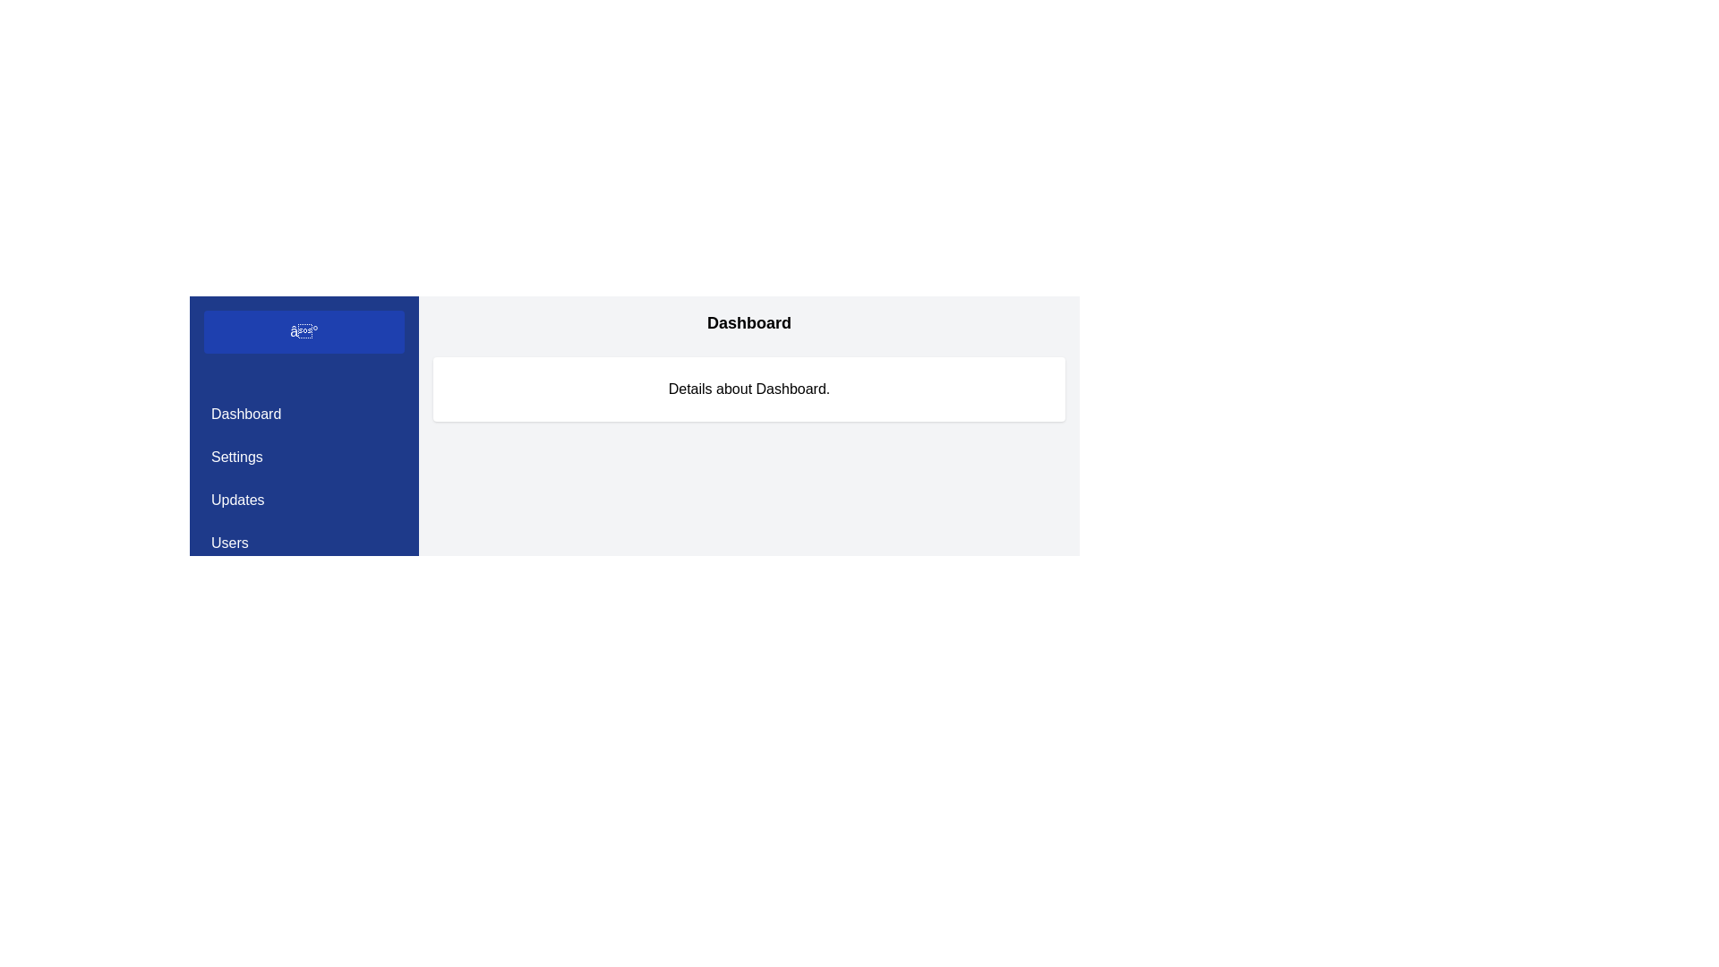  I want to click on the 'Dashboard' navigation link in the sidebar, so click(304, 414).